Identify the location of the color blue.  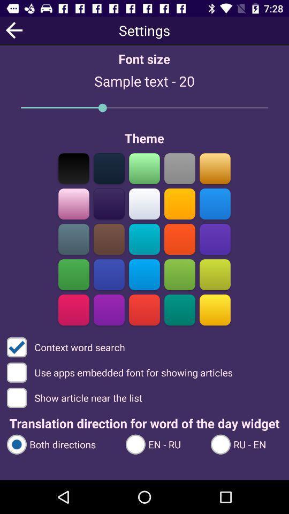
(109, 274).